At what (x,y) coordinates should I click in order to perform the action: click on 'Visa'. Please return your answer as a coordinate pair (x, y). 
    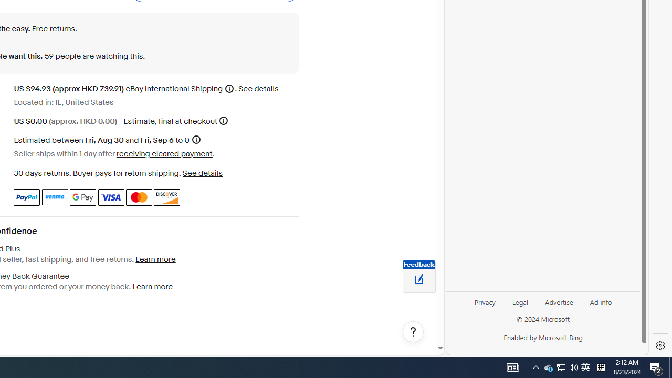
    Looking at the image, I should click on (111, 197).